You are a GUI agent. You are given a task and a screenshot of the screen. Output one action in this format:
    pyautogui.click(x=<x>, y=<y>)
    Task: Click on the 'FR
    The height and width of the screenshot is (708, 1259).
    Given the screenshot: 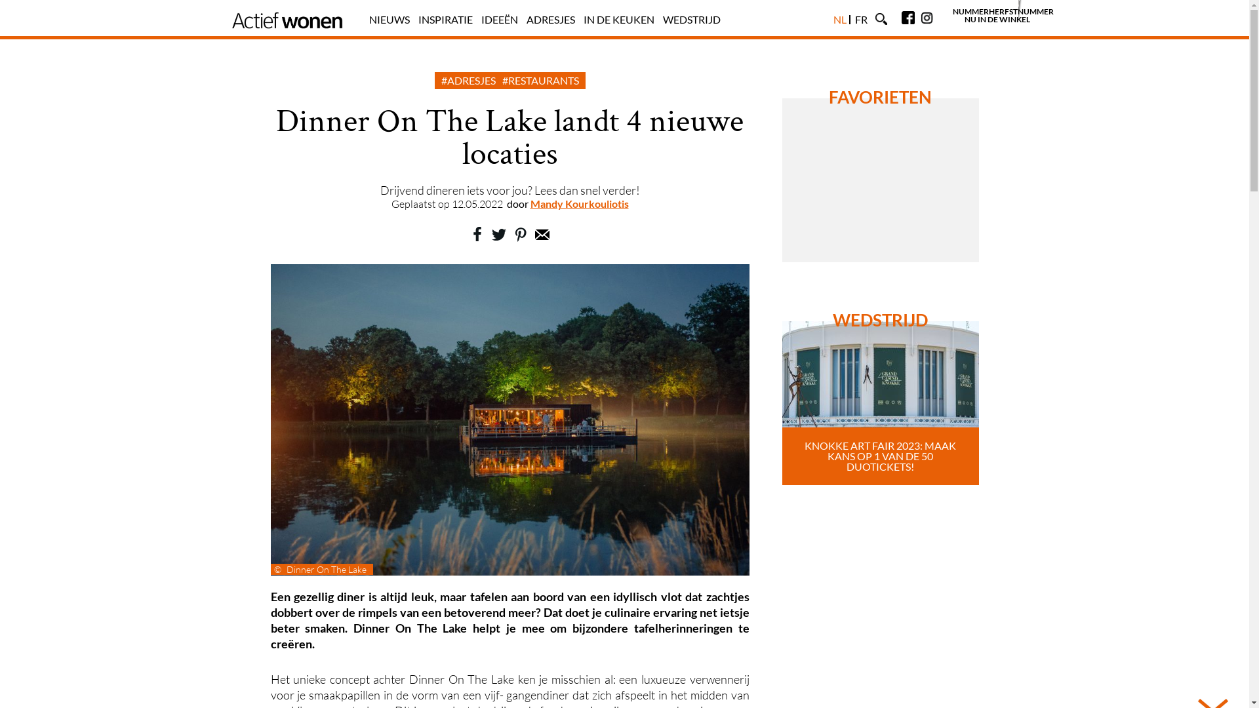 What is the action you would take?
    pyautogui.click(x=861, y=19)
    